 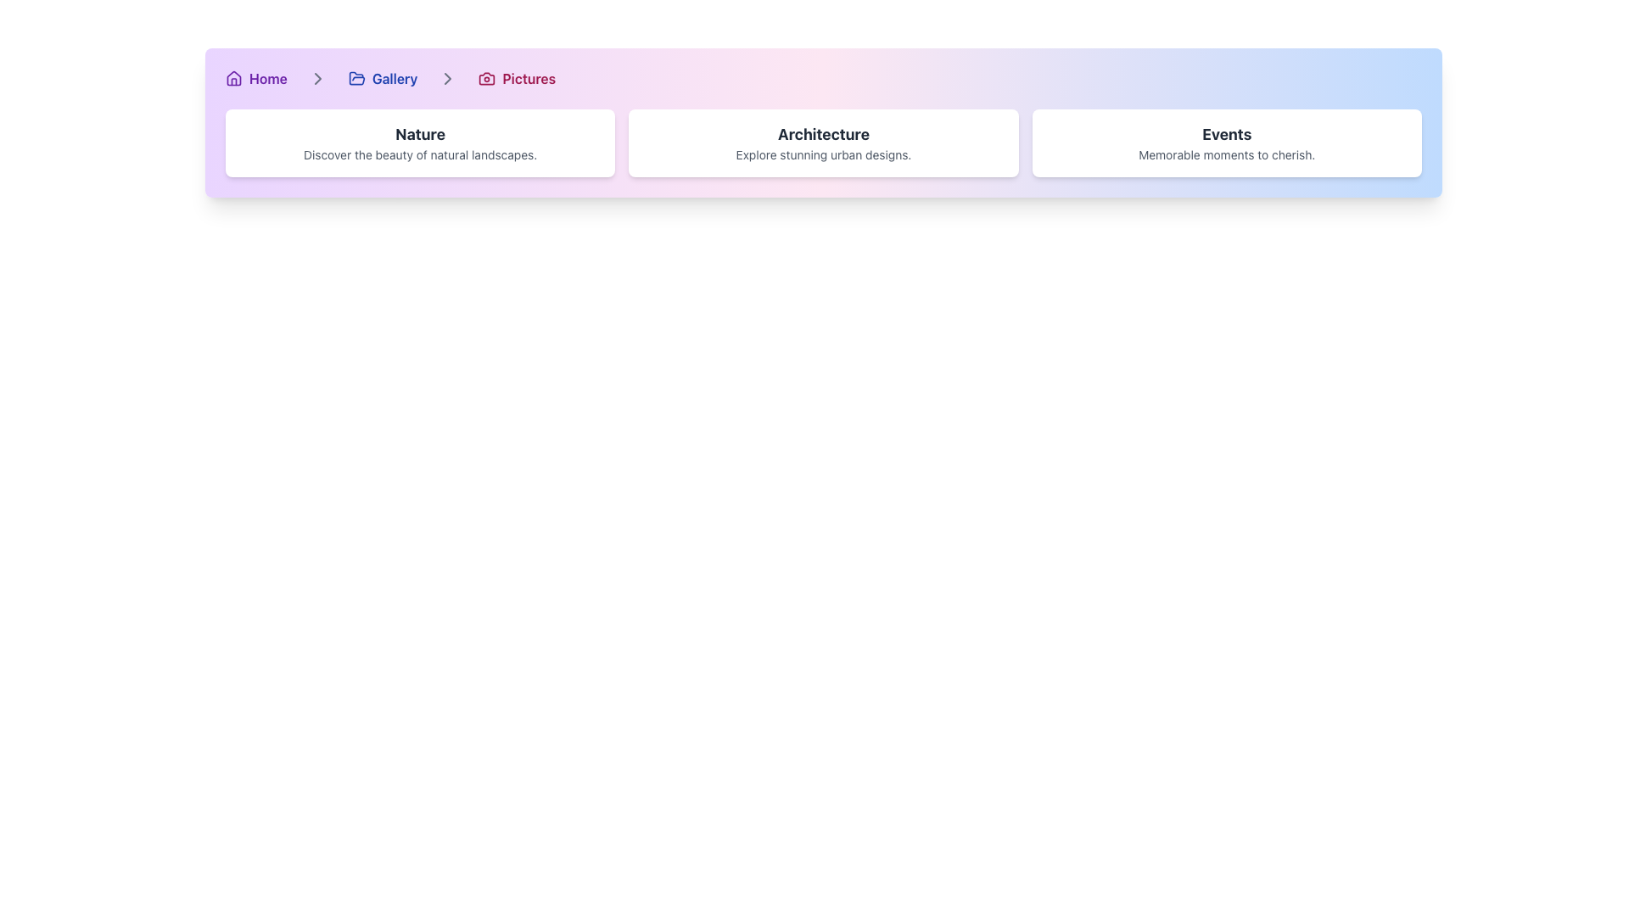 What do you see at coordinates (1227, 133) in the screenshot?
I see `the static text element that serves as a title or heading for the card, located at the top portion of the card towards the right end of a horizontal row of similar cards` at bounding box center [1227, 133].